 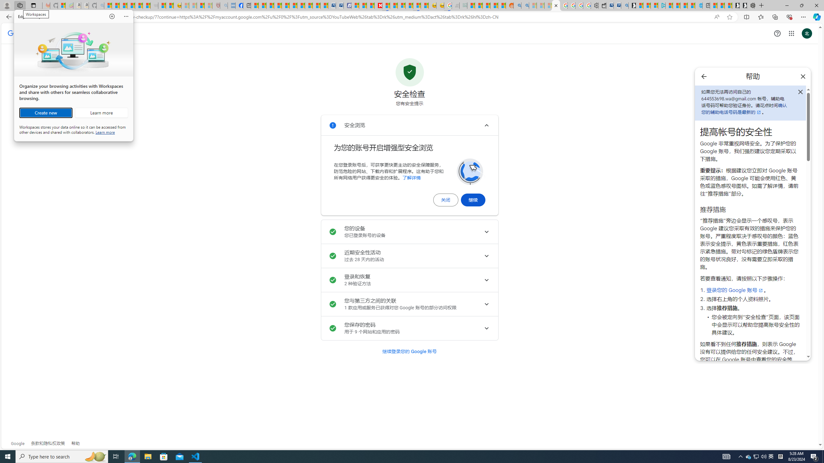 I want to click on 'Climate Damage Becomes Too Severe To Reverse', so click(x=277, y=5).